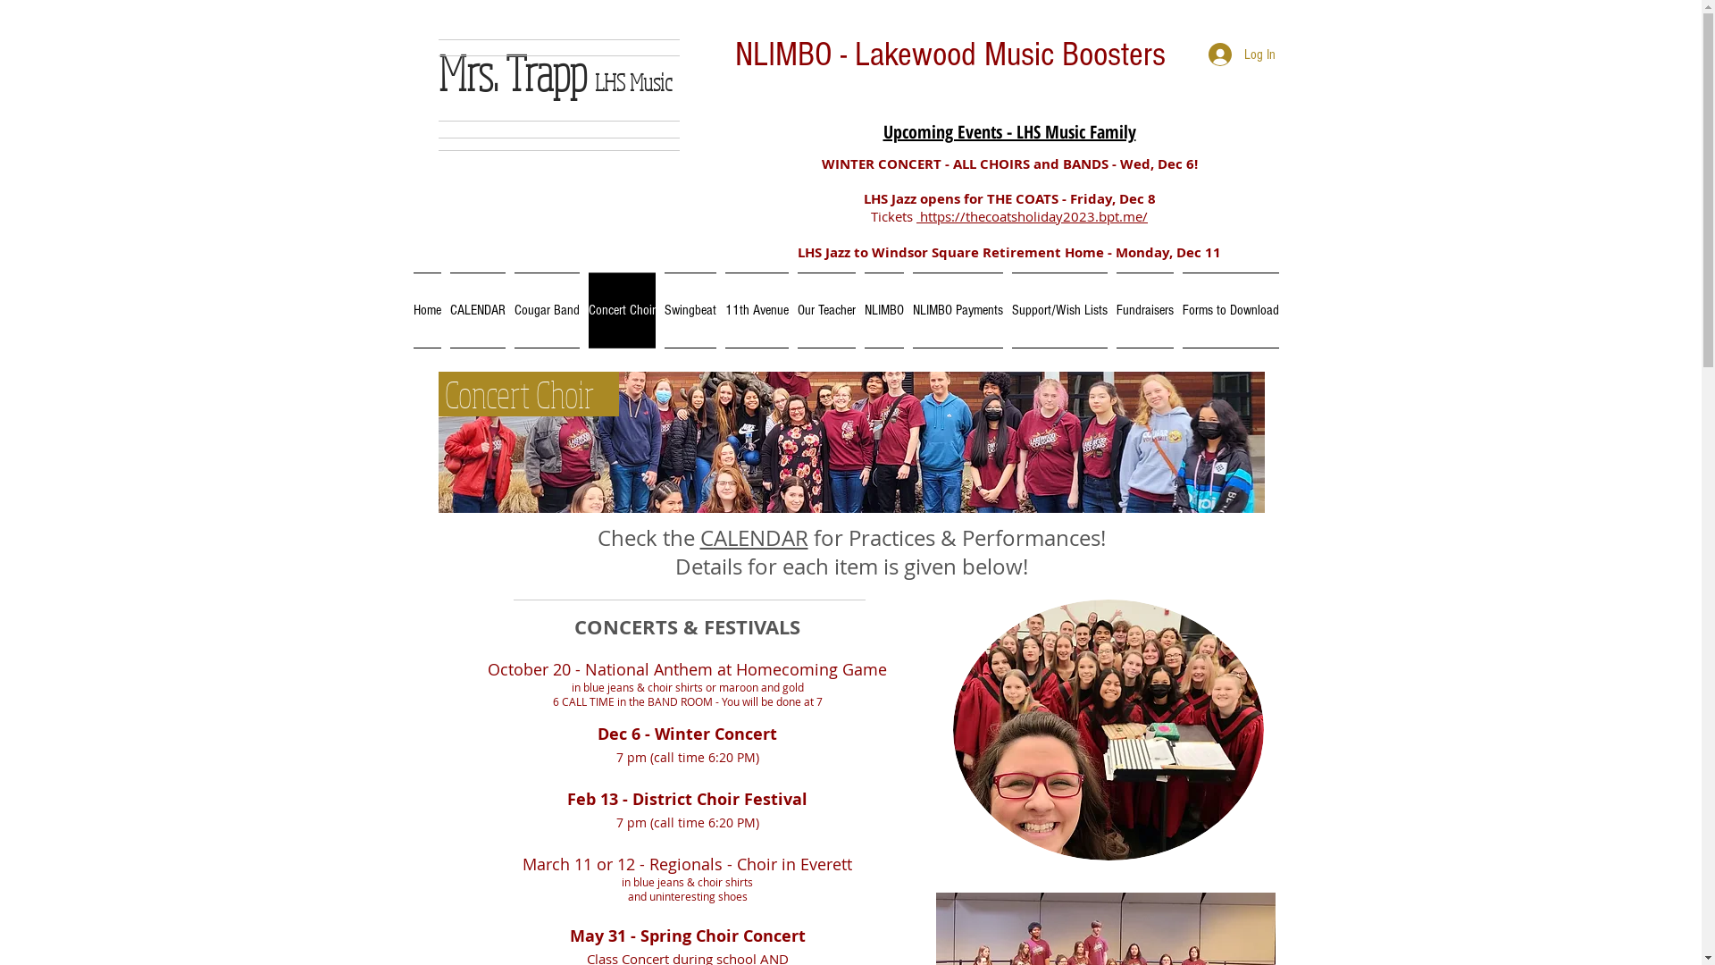 The image size is (1715, 965). What do you see at coordinates (411, 309) in the screenshot?
I see `'Home'` at bounding box center [411, 309].